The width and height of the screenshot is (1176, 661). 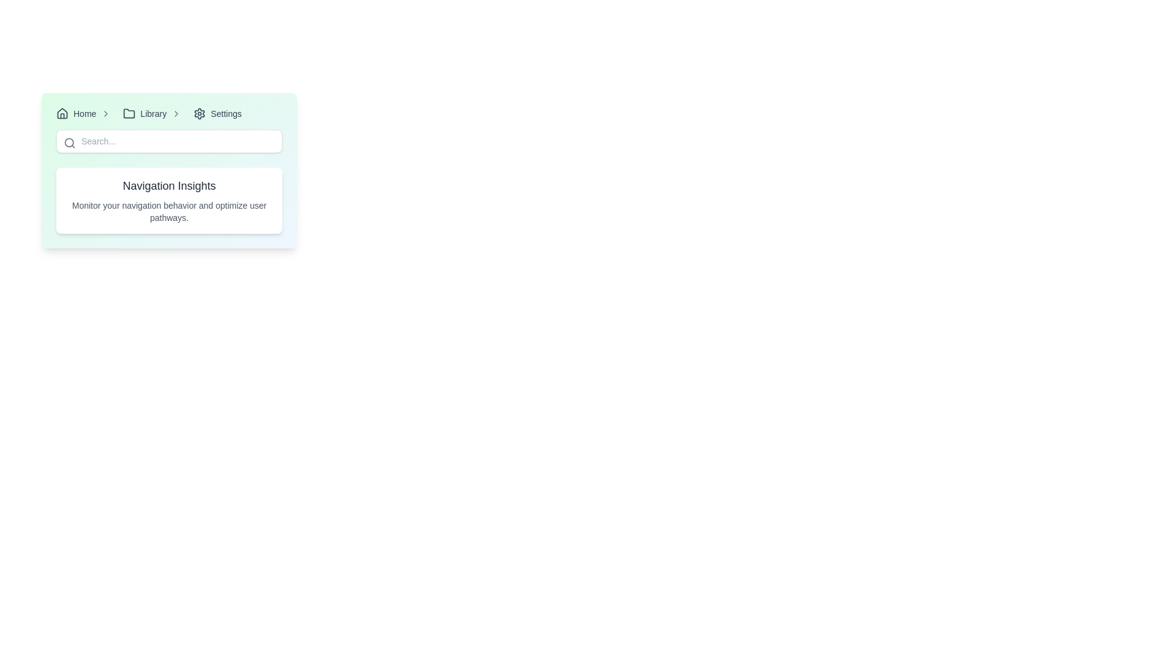 What do you see at coordinates (84, 113) in the screenshot?
I see `the 'Home' text label in the navigation bar` at bounding box center [84, 113].